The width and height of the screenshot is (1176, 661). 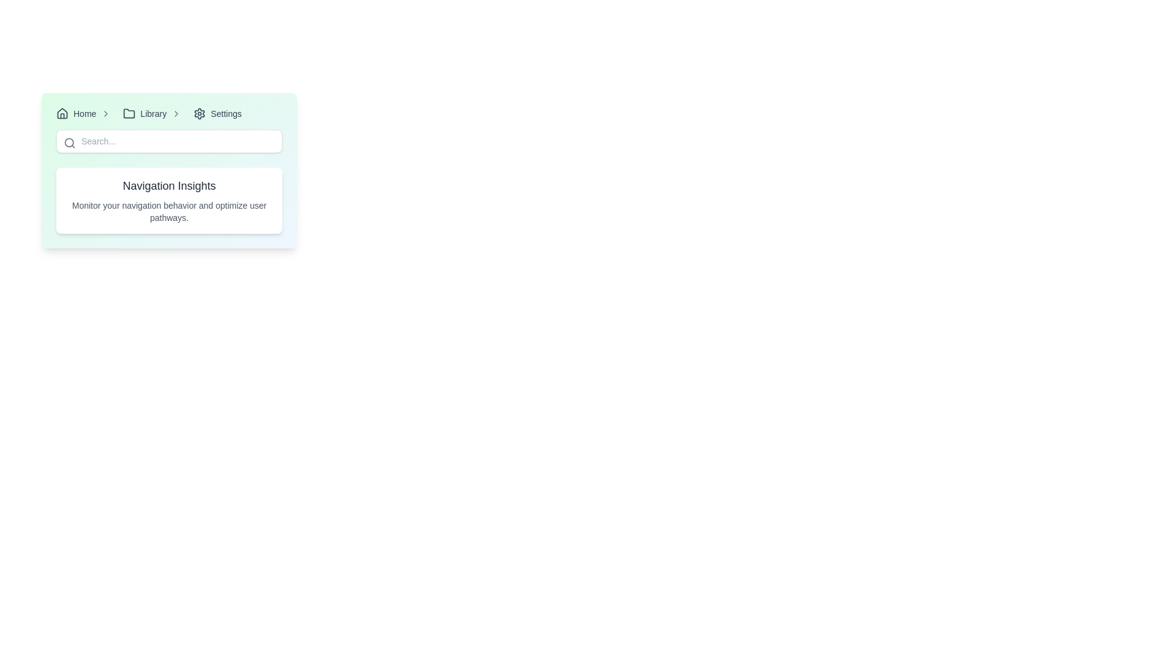 What do you see at coordinates (84, 113) in the screenshot?
I see `the 'Home' text label in the navigation bar` at bounding box center [84, 113].